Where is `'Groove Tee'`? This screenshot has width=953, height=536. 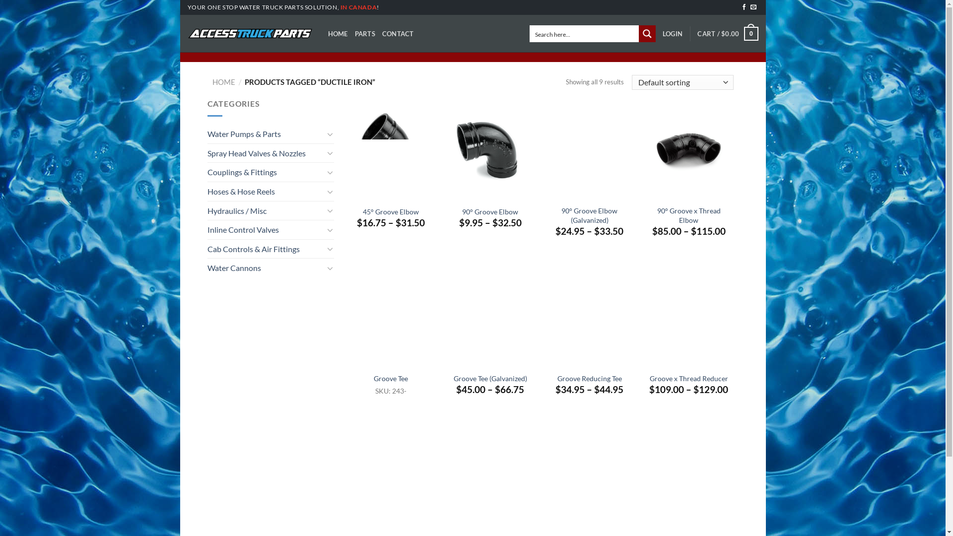
'Groove Tee' is located at coordinates (390, 379).